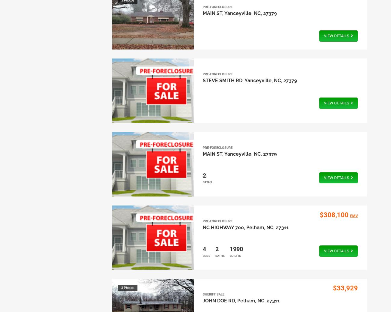  What do you see at coordinates (218, 301) in the screenshot?
I see `'JOHN DOE RD'` at bounding box center [218, 301].